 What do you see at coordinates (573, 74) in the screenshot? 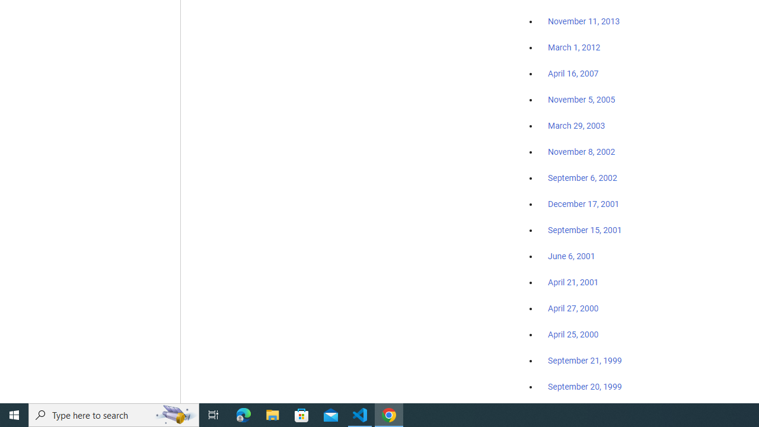
I see `'April 16, 2007'` at bounding box center [573, 74].